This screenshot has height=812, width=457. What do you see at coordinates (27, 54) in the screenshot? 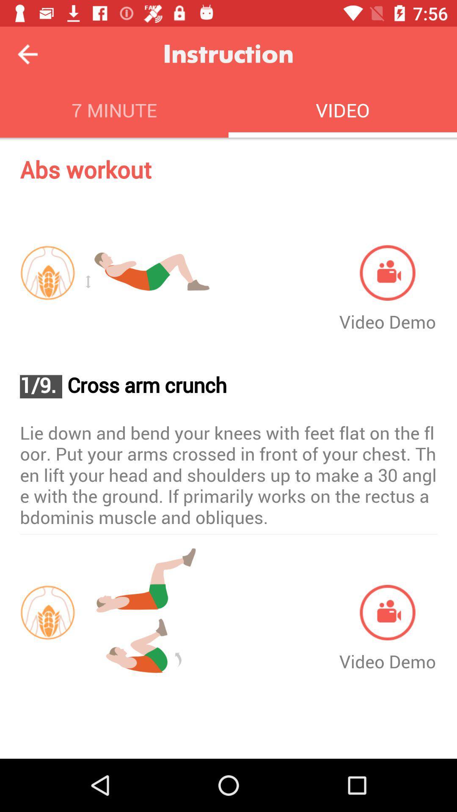
I see `go back` at bounding box center [27, 54].